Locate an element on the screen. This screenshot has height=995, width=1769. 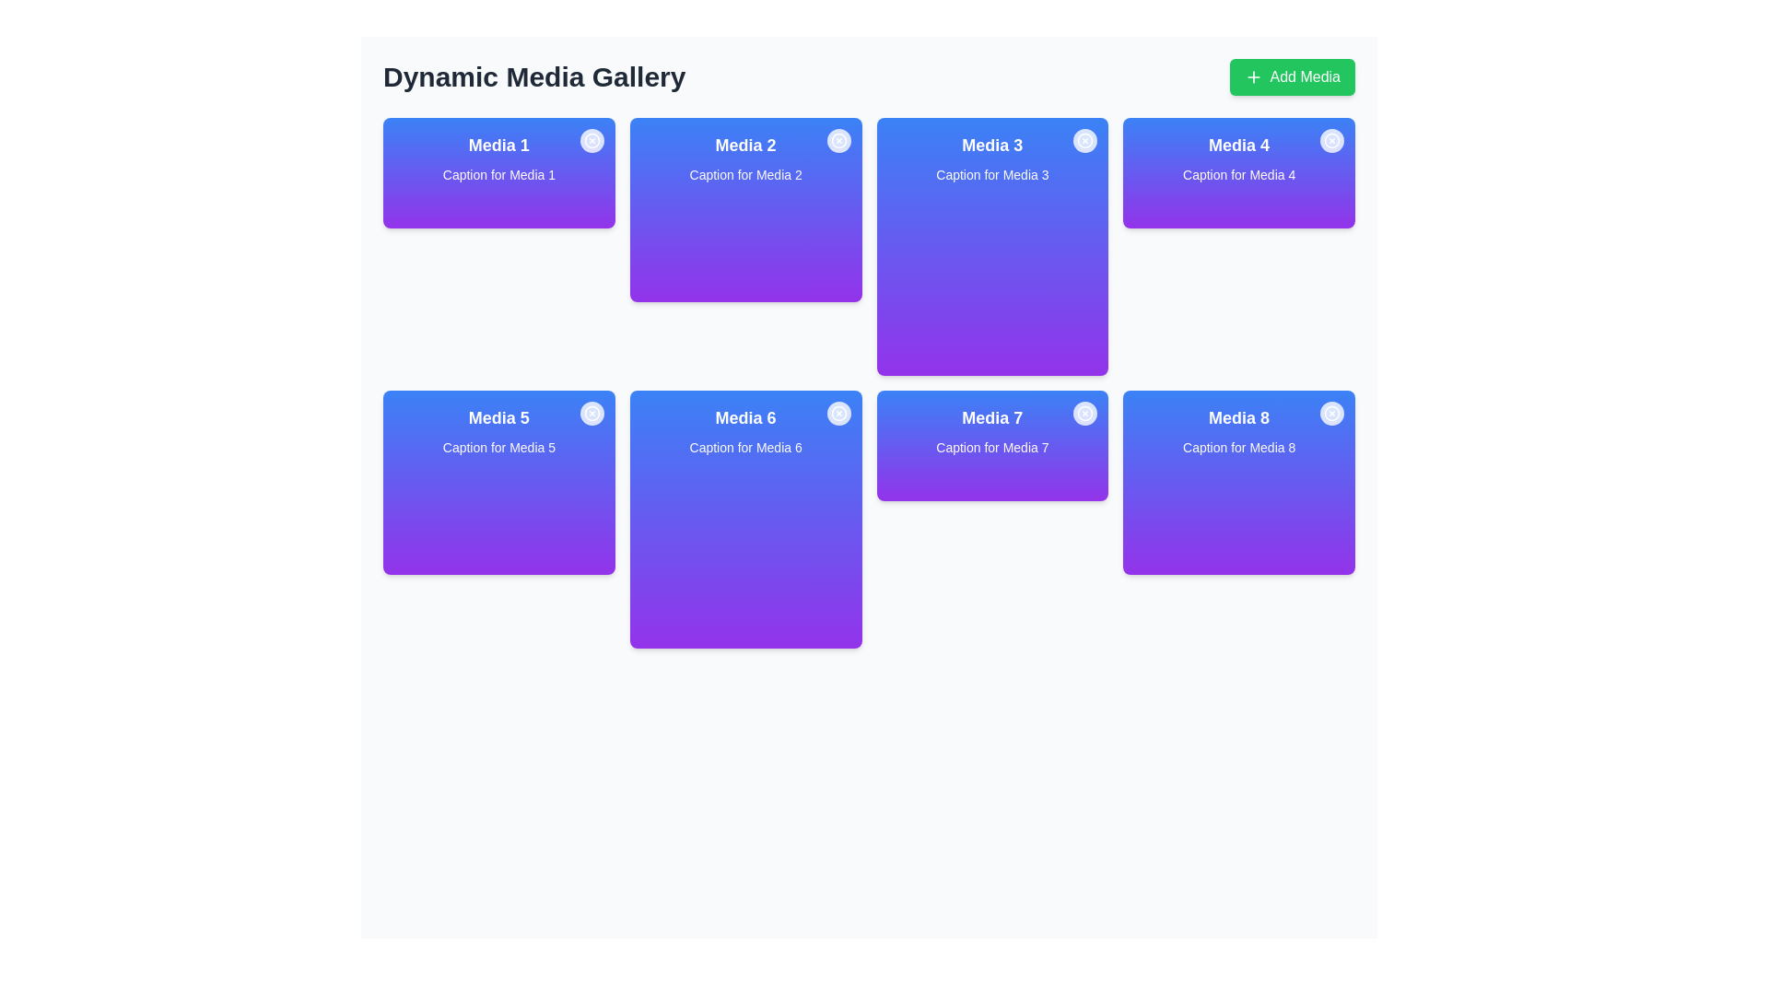
title and caption information from the media item represented by the Card located at the bottom-right of the grid layout, identified as the eighth card is located at coordinates (1239, 482).